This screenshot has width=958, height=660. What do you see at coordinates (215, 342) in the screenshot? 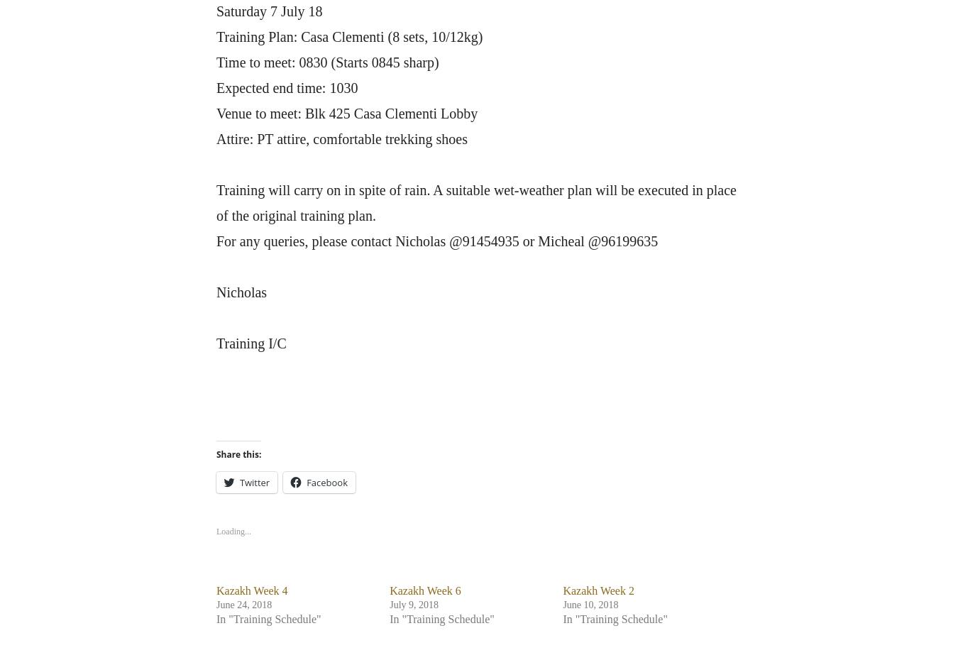
I see `'Training I/C'` at bounding box center [215, 342].